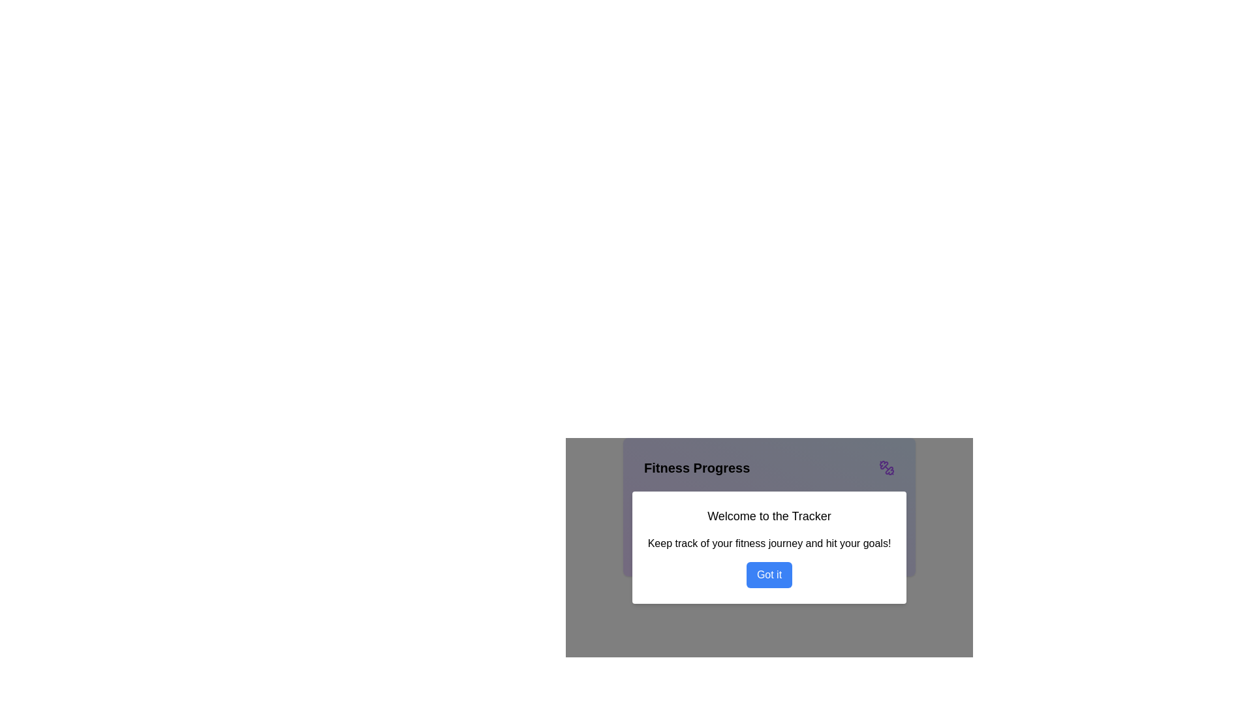  What do you see at coordinates (696, 467) in the screenshot?
I see `the text label displaying 'Fitness Progress', which is styled in a large, bold sans-serif font and positioned against a darker background` at bounding box center [696, 467].